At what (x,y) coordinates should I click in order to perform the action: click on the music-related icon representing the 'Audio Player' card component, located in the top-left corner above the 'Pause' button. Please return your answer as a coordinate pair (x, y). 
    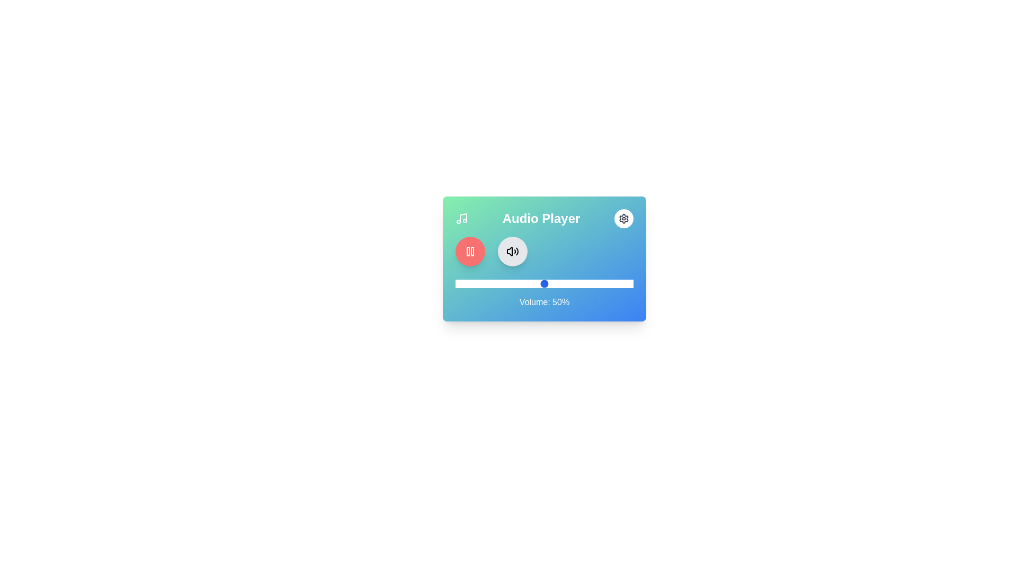
    Looking at the image, I should click on (462, 218).